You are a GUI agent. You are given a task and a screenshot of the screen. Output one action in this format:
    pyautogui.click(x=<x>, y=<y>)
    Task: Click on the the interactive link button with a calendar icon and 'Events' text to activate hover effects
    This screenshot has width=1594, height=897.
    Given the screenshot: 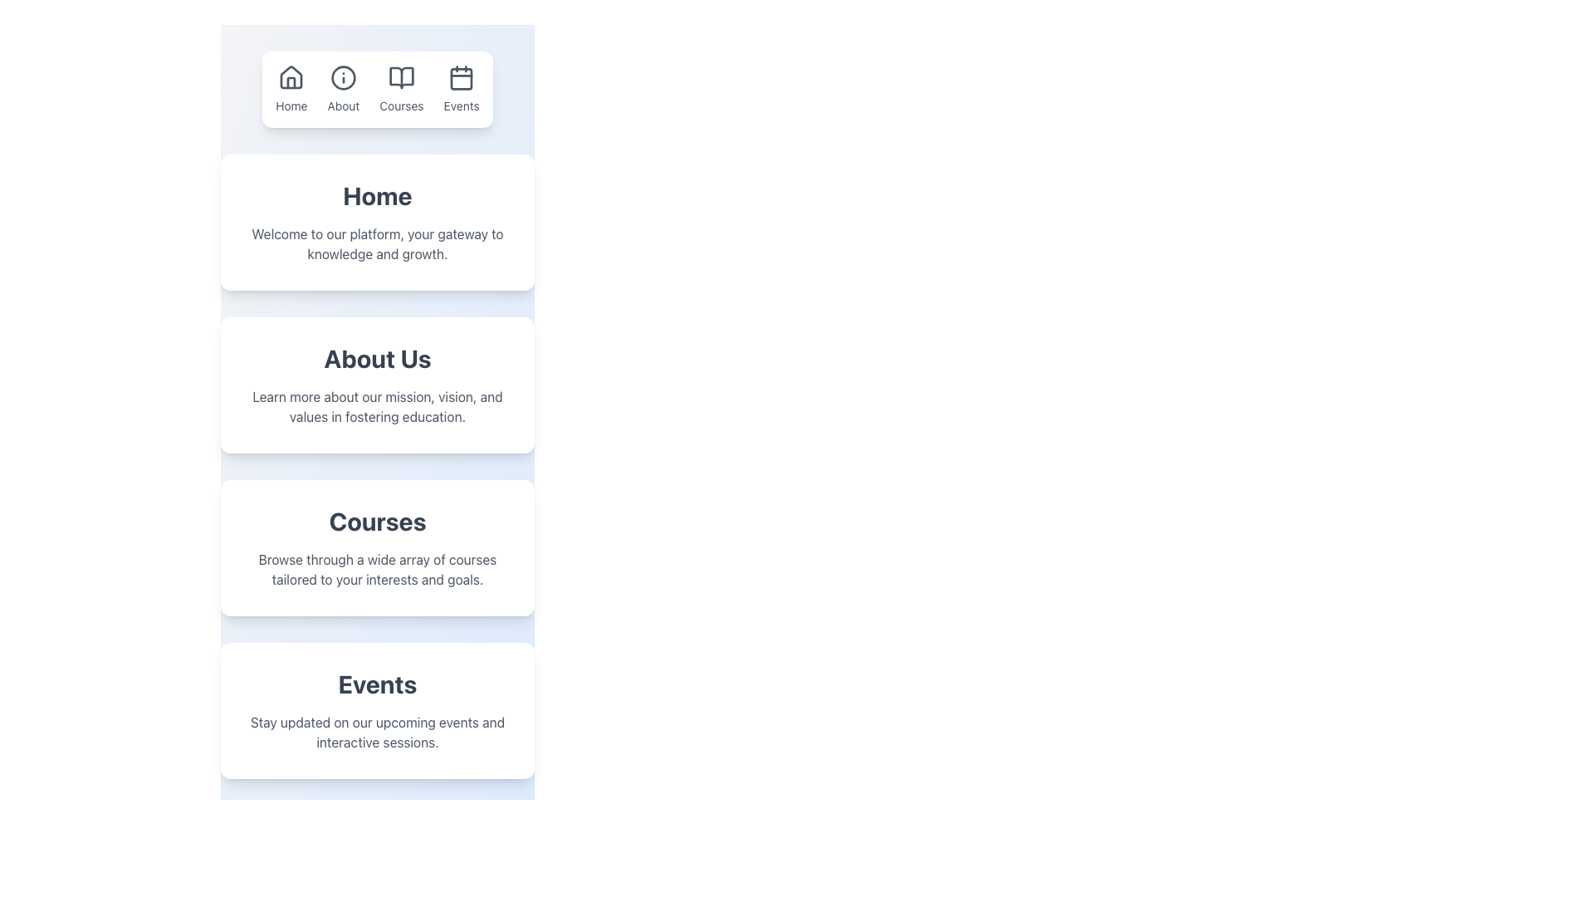 What is the action you would take?
    pyautogui.click(x=462, y=90)
    